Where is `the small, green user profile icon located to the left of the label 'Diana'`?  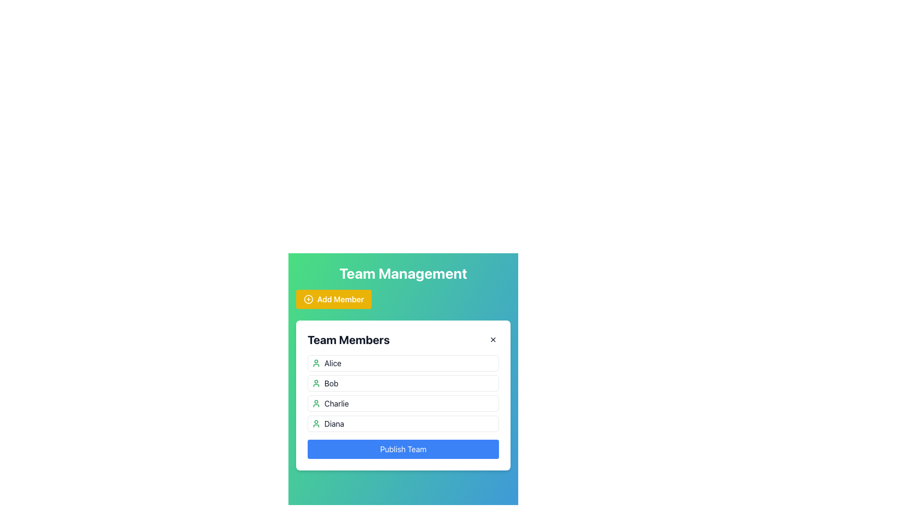
the small, green user profile icon located to the left of the label 'Diana' is located at coordinates (316, 423).